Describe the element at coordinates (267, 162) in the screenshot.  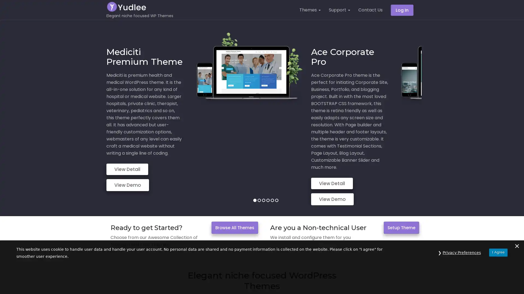
I see `4` at that location.